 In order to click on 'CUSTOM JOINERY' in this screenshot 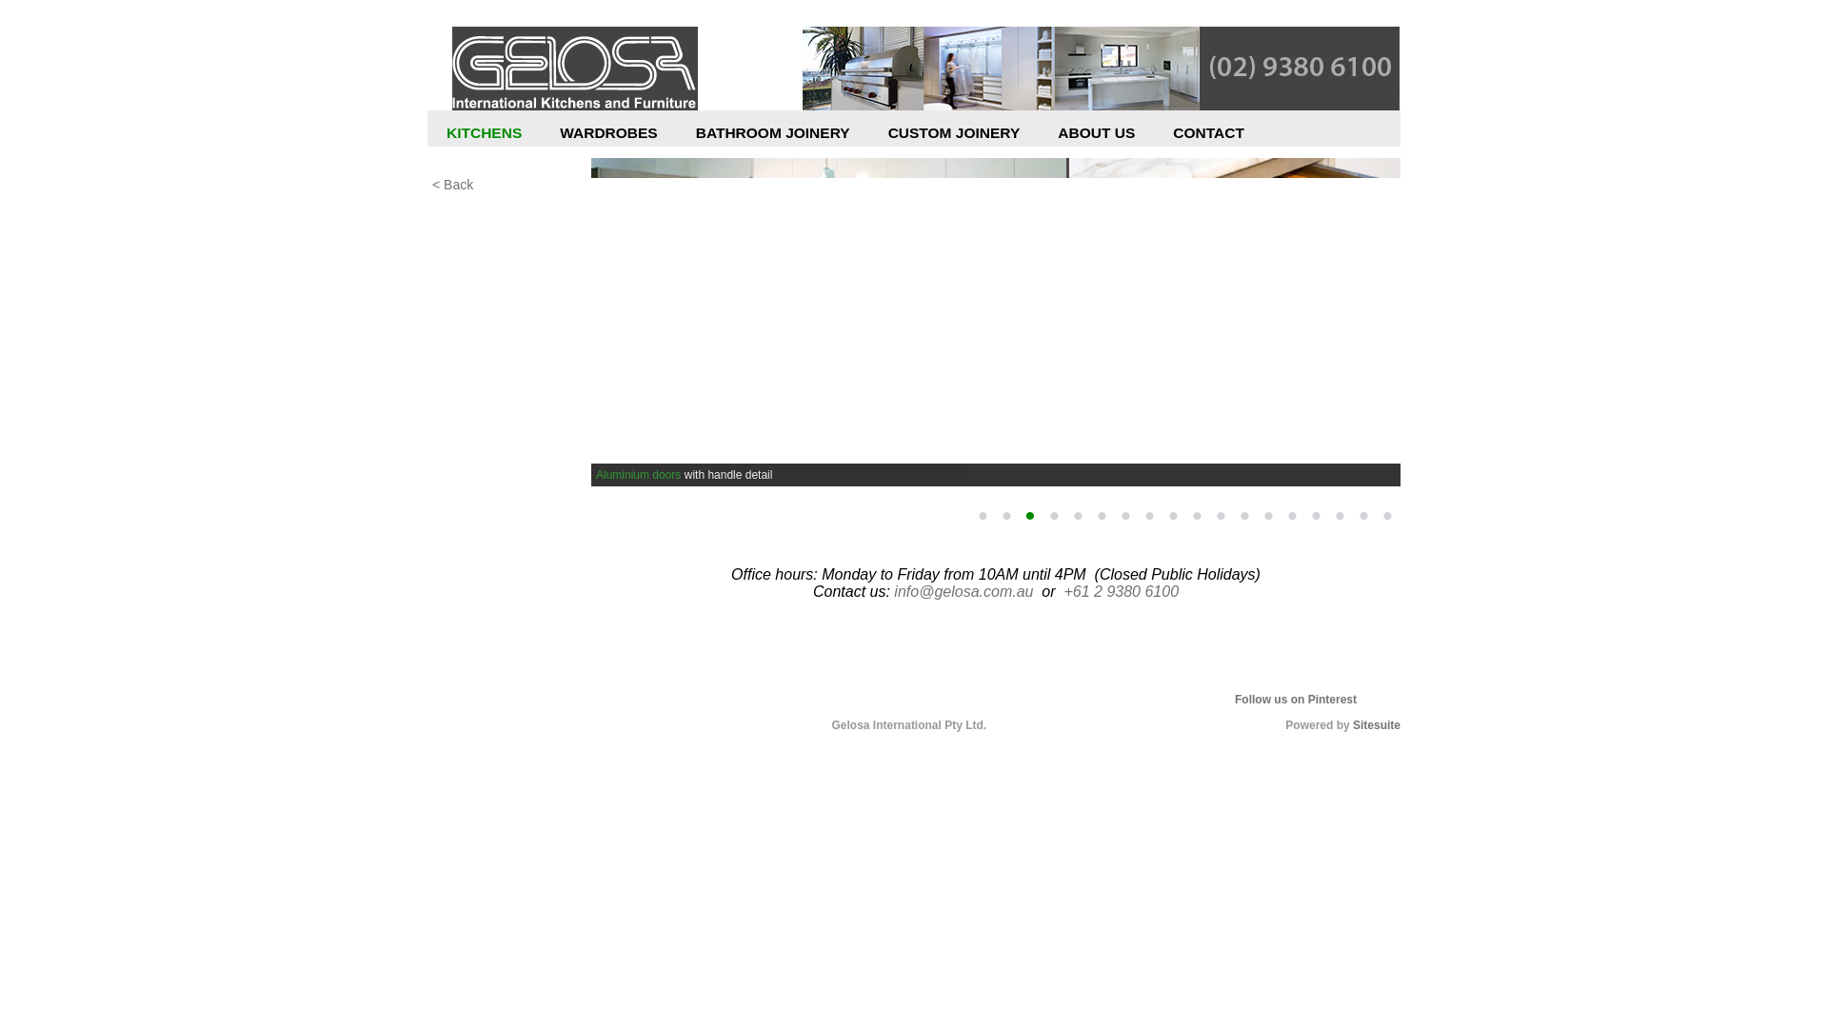, I will do `click(954, 137)`.